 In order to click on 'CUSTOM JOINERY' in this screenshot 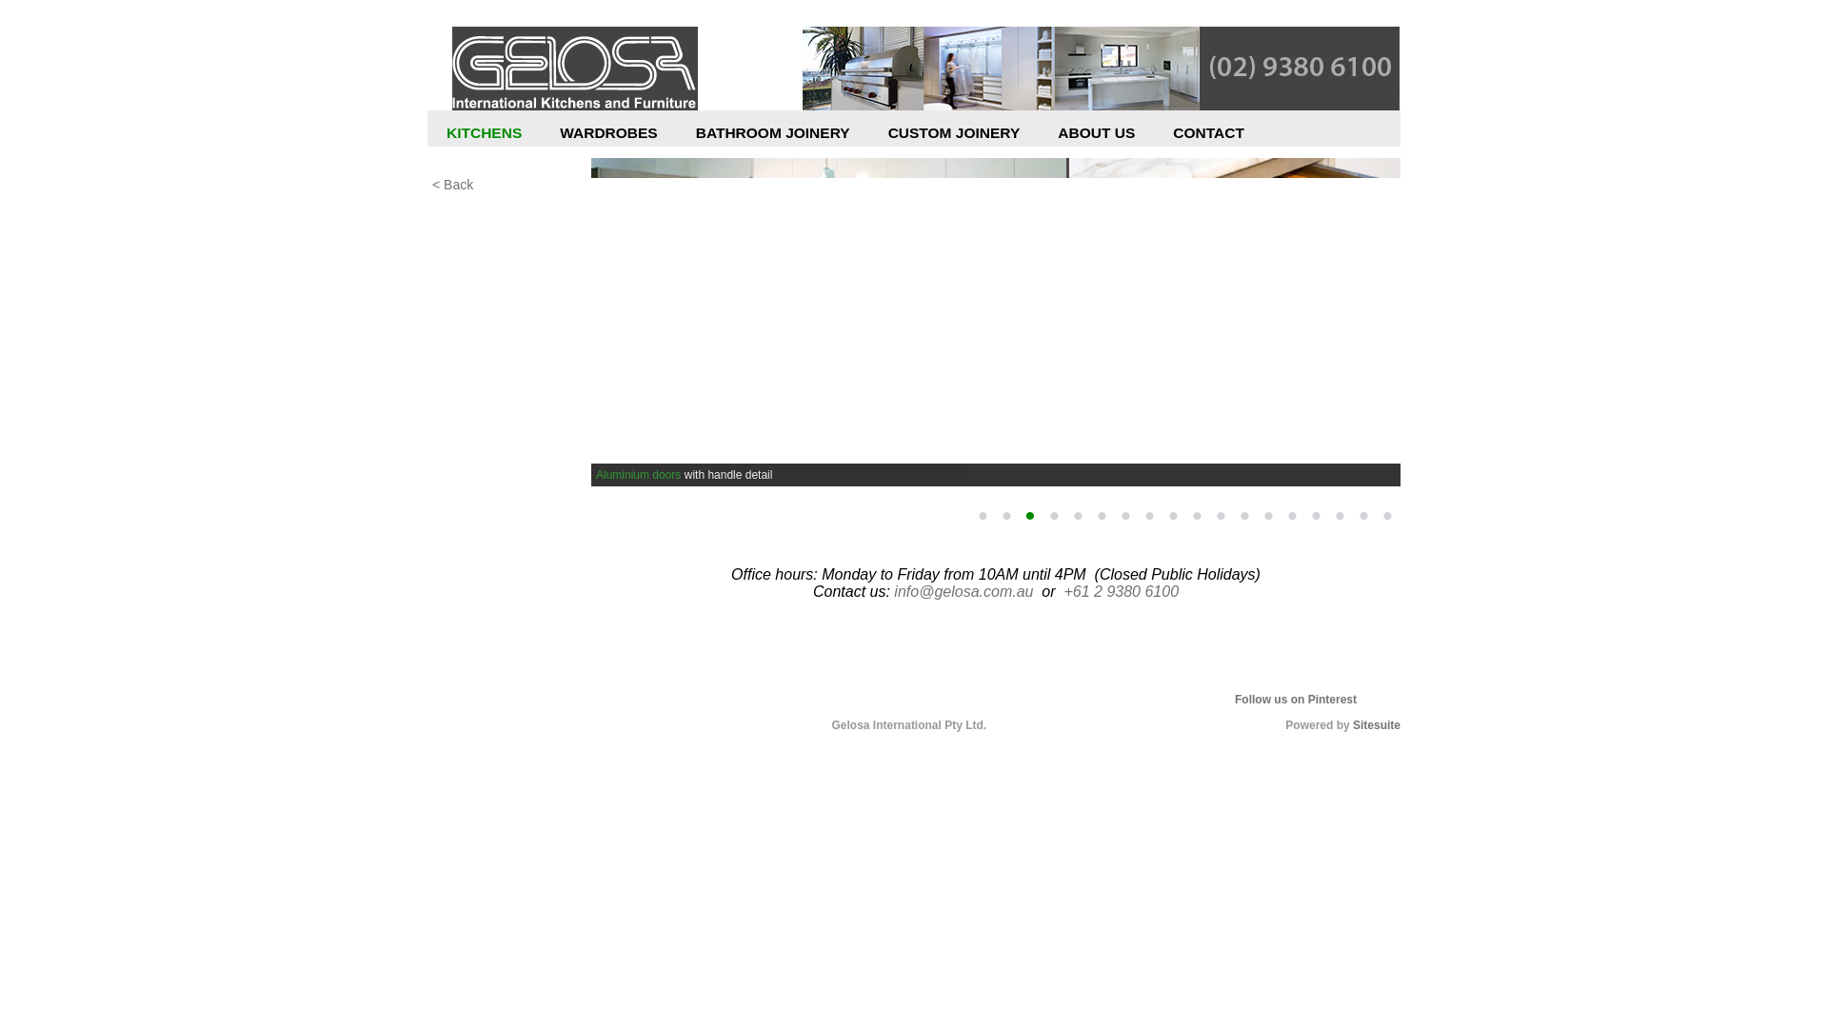, I will do `click(954, 137)`.